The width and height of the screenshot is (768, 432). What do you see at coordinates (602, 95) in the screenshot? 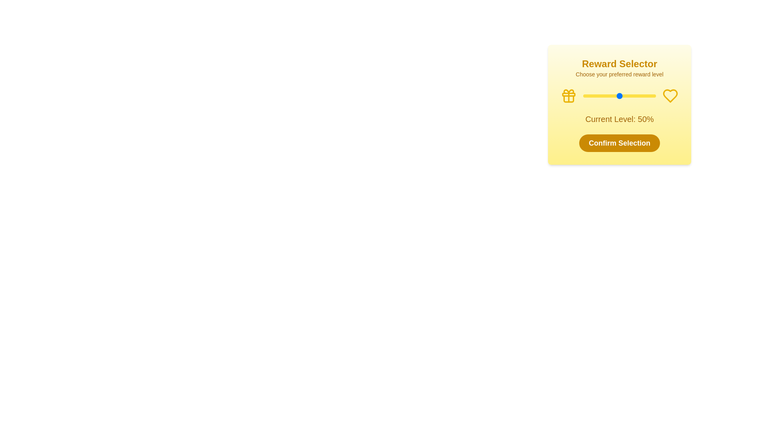
I see `the reward level` at bounding box center [602, 95].